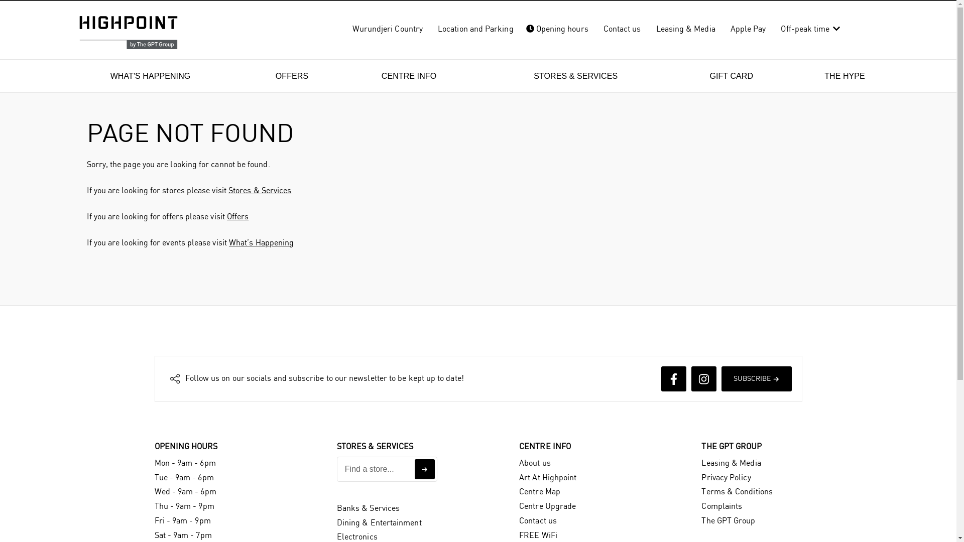 Image resolution: width=964 pixels, height=542 pixels. Describe the element at coordinates (228, 191) in the screenshot. I see `'Stores & Services'` at that location.